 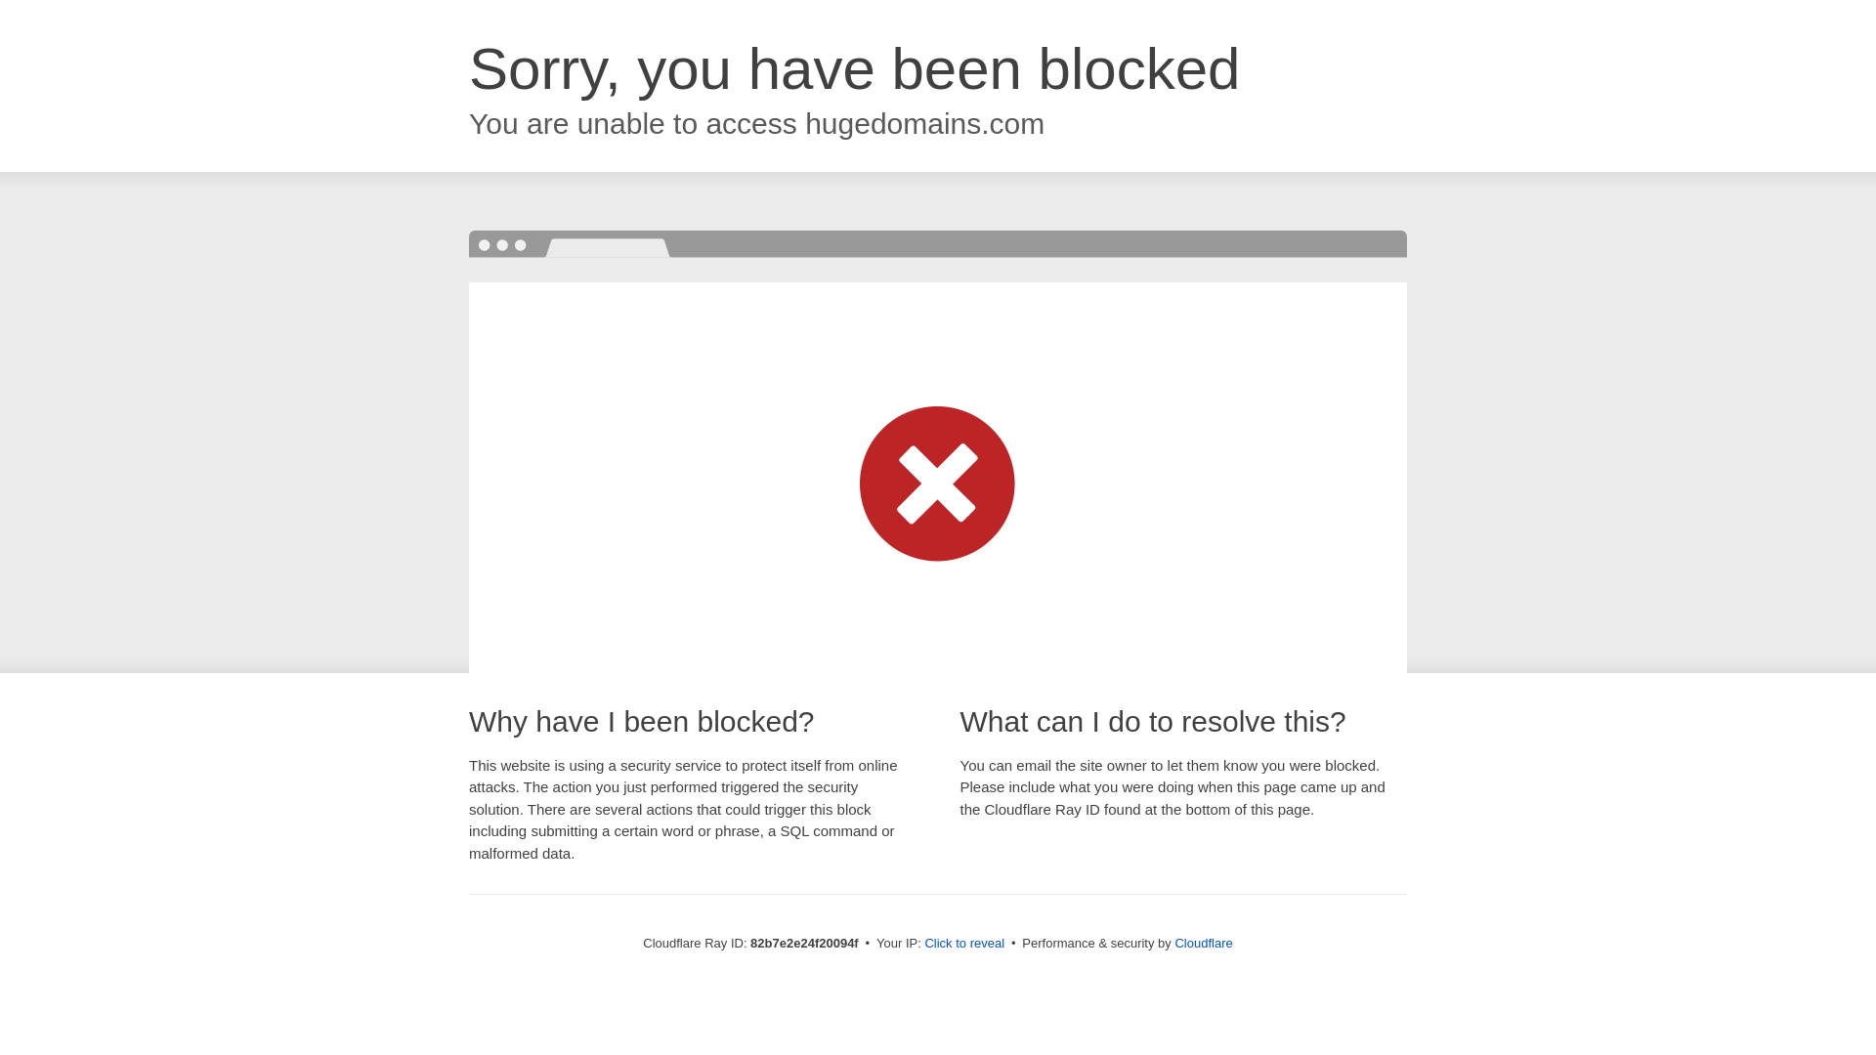 I want to click on 'Cloudflare', so click(x=1202, y=942).